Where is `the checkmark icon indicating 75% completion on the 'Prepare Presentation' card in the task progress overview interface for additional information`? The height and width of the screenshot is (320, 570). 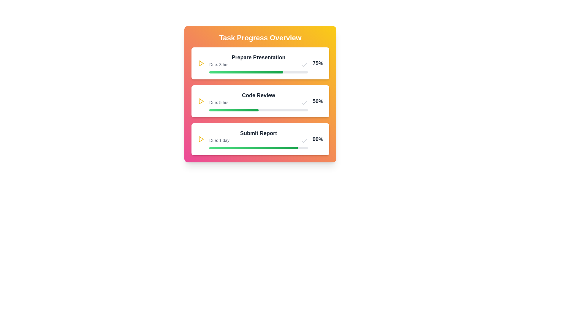 the checkmark icon indicating 75% completion on the 'Prepare Presentation' card in the task progress overview interface for additional information is located at coordinates (304, 65).